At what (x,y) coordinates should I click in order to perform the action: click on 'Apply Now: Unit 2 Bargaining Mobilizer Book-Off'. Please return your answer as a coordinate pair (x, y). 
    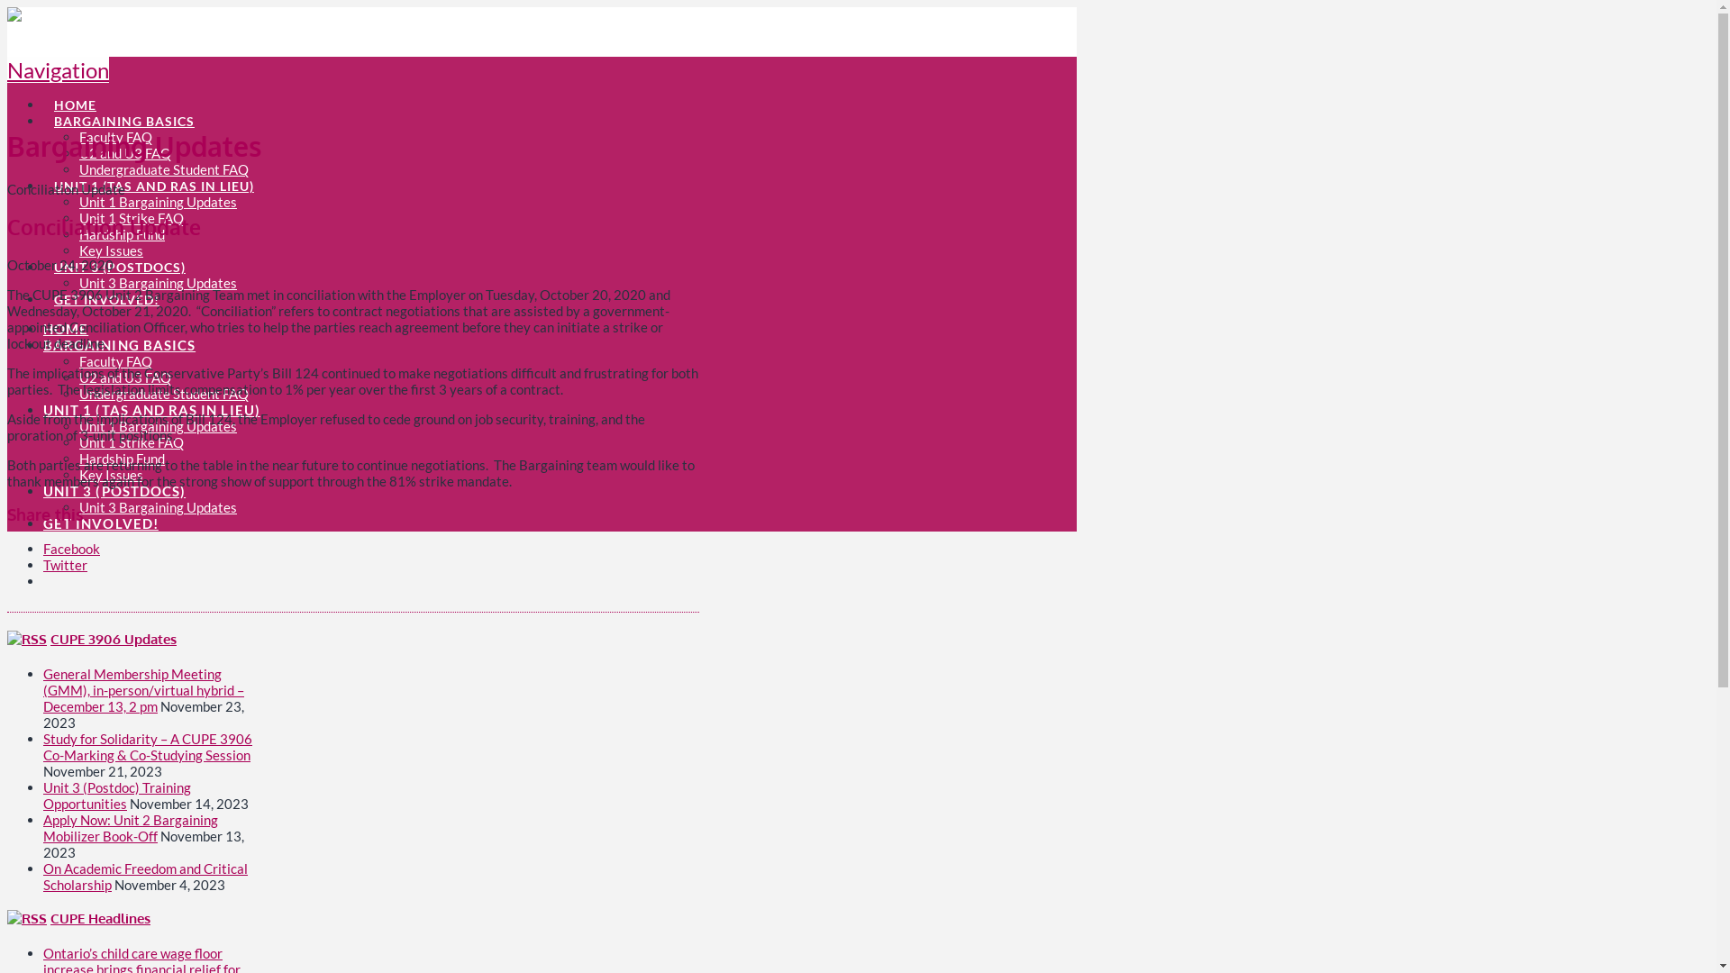
    Looking at the image, I should click on (129, 827).